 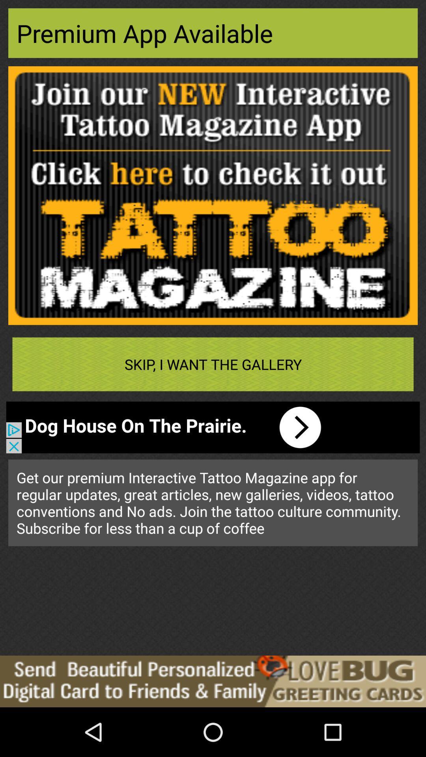 I want to click on advertisement bar, so click(x=213, y=681).